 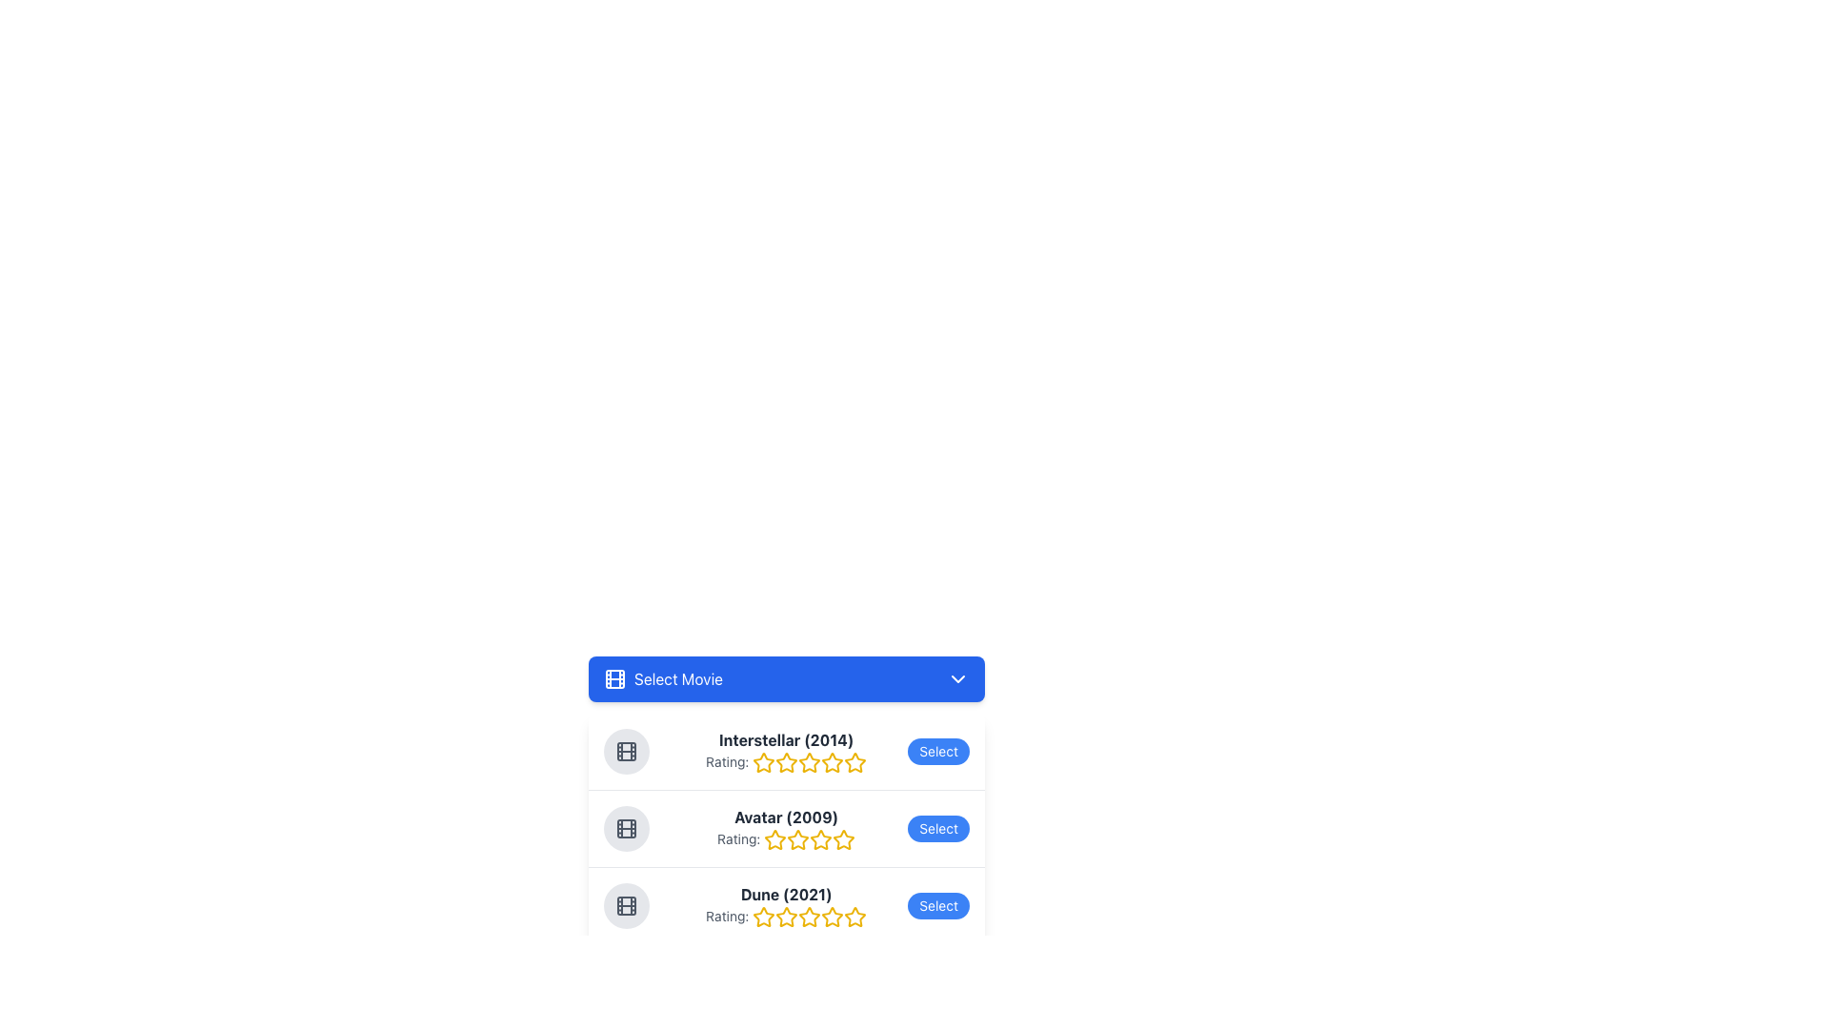 I want to click on the second star in the row of five stars, so click(x=786, y=760).